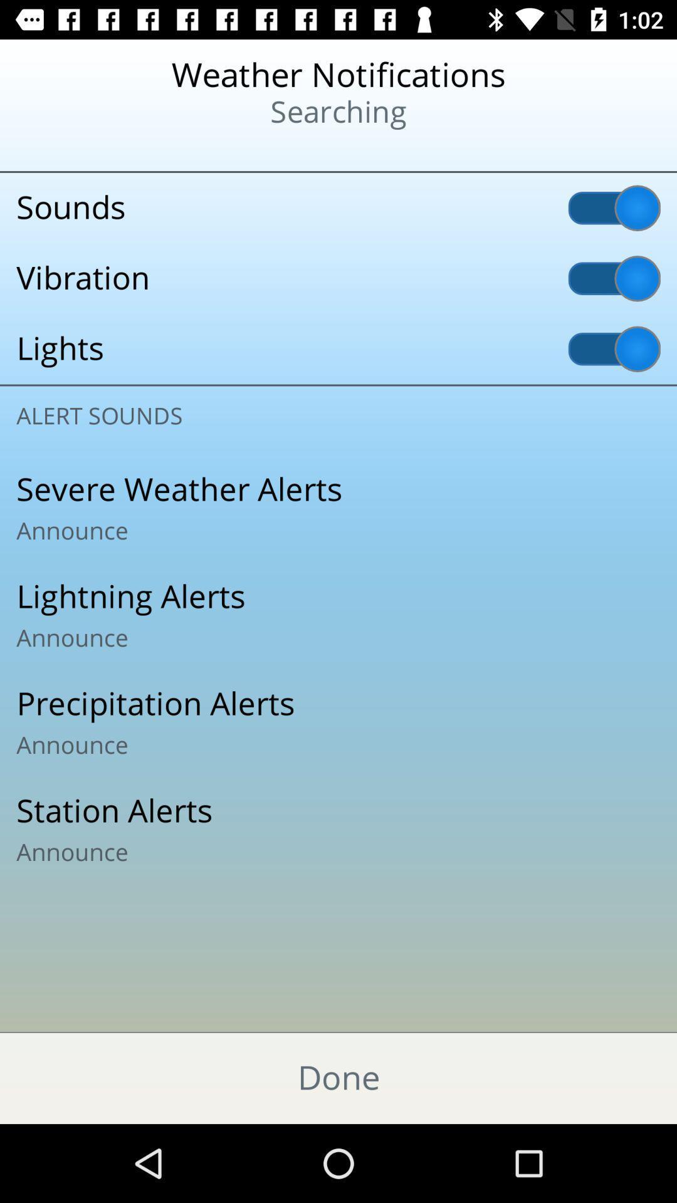 The image size is (677, 1203). I want to click on item below the alert sounds, so click(338, 508).